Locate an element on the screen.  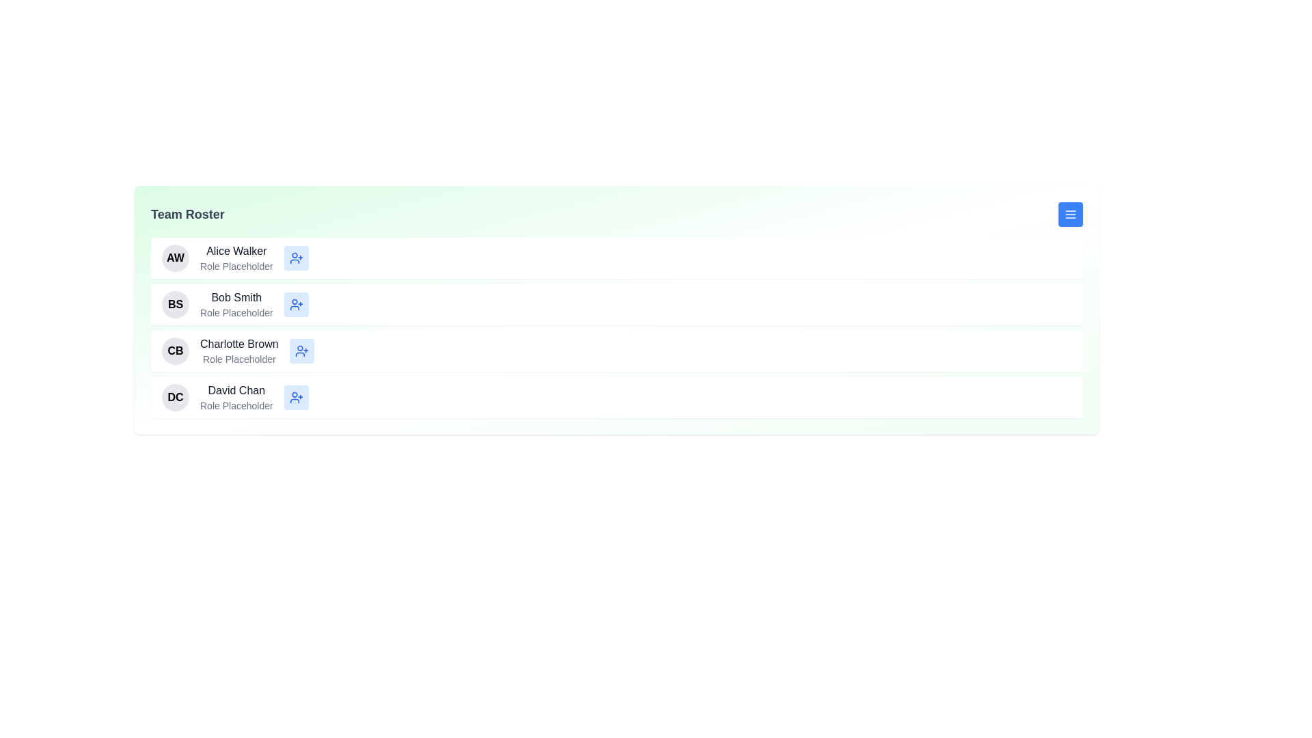
the 'Team Roster' text label, which serves as a title for the section above the list of team members is located at coordinates (187, 214).